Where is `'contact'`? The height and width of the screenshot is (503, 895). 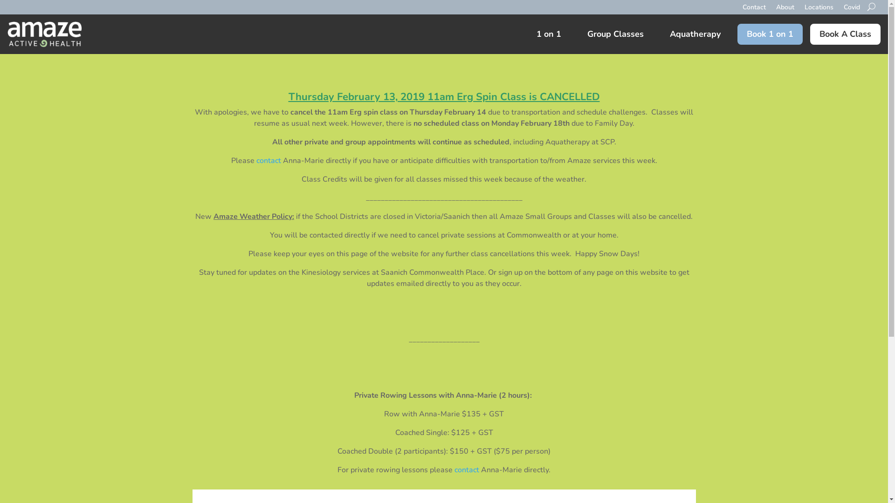
'contact' is located at coordinates (467, 470).